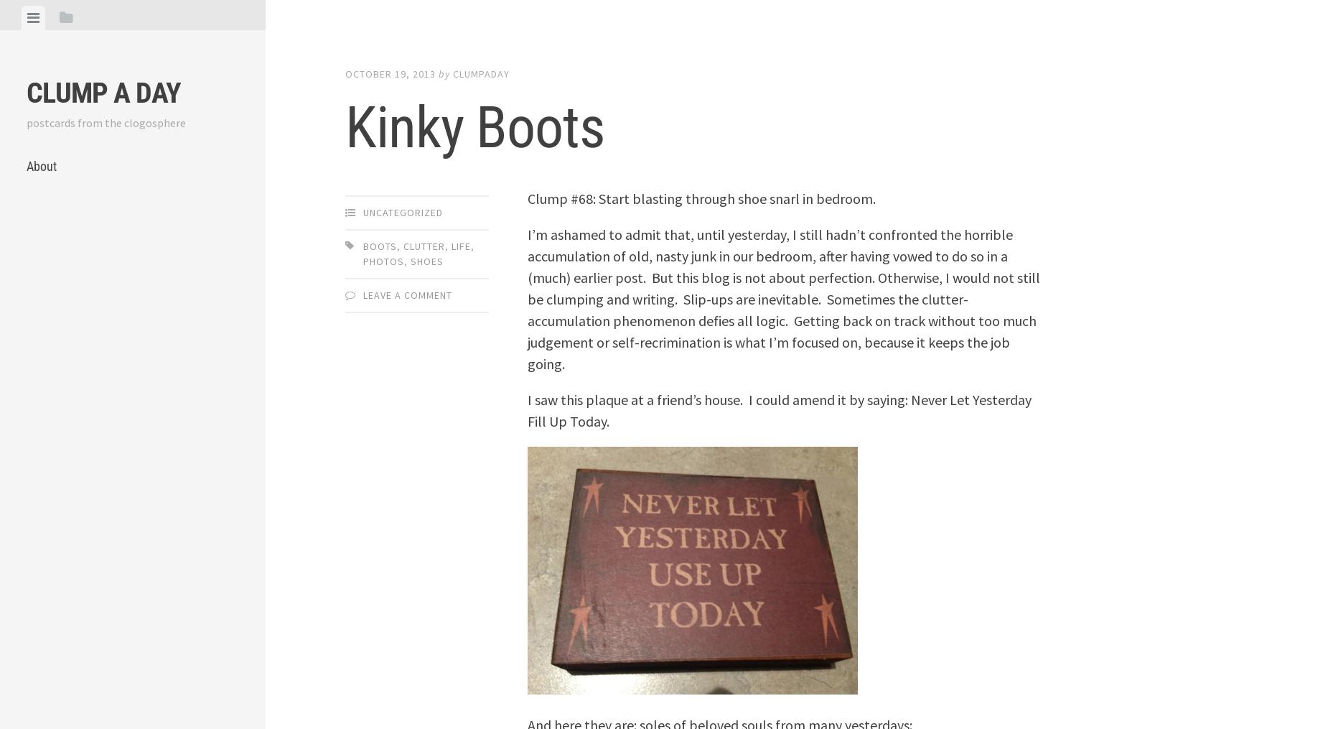 This screenshot has height=729, width=1328. What do you see at coordinates (26, 122) in the screenshot?
I see `'postcards from the clogosphere'` at bounding box center [26, 122].